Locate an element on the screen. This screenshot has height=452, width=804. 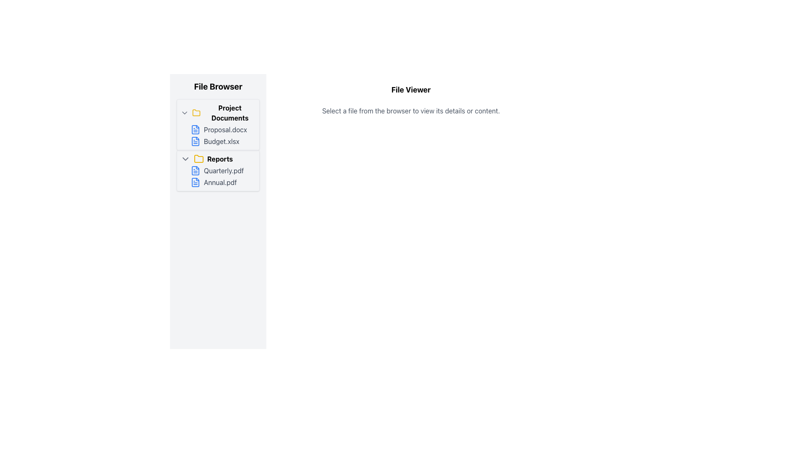
the document file icon representing 'Annual.pdf' in the 'Reports' section of the sidebar navigation is located at coordinates (195, 182).